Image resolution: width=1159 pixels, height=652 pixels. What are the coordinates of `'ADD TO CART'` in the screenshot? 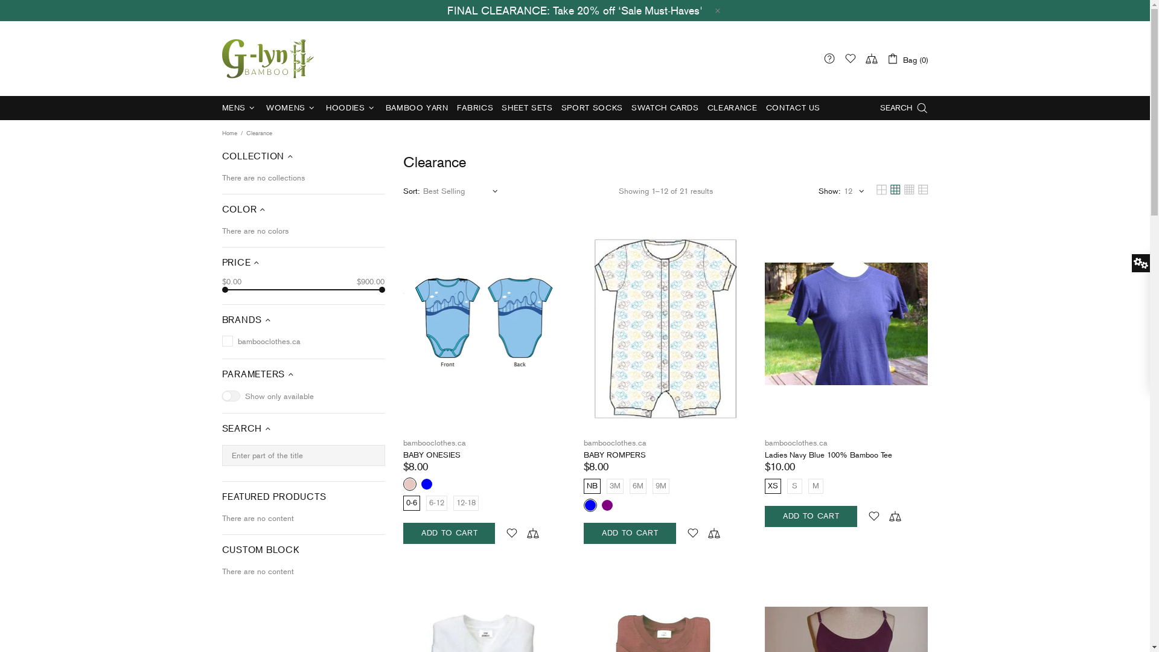 It's located at (811, 516).